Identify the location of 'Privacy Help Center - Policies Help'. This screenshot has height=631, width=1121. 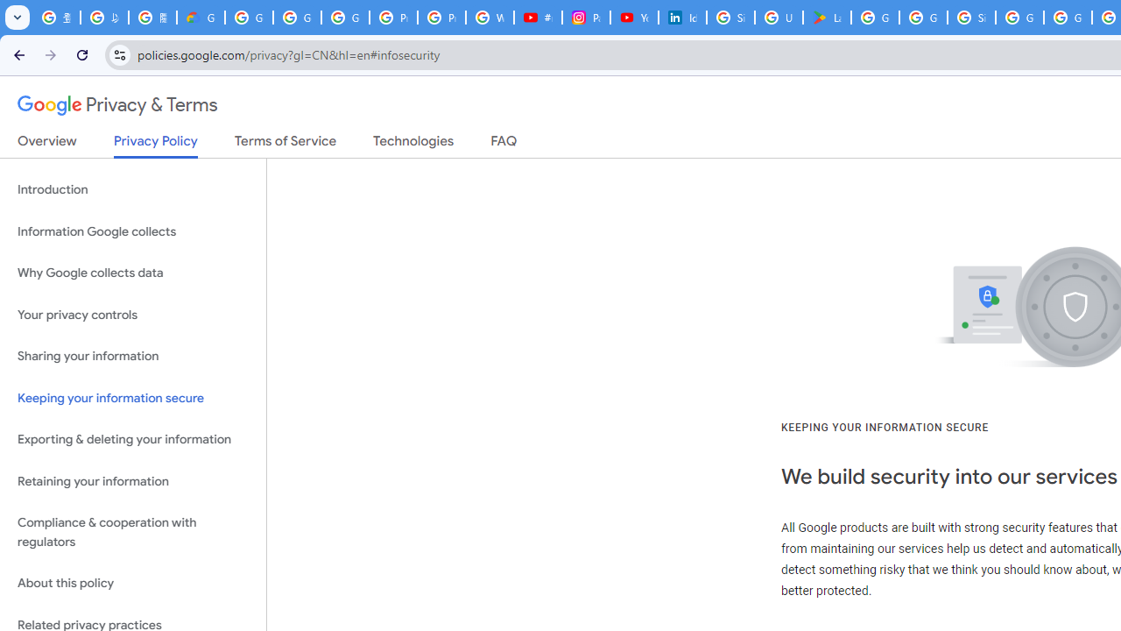
(441, 18).